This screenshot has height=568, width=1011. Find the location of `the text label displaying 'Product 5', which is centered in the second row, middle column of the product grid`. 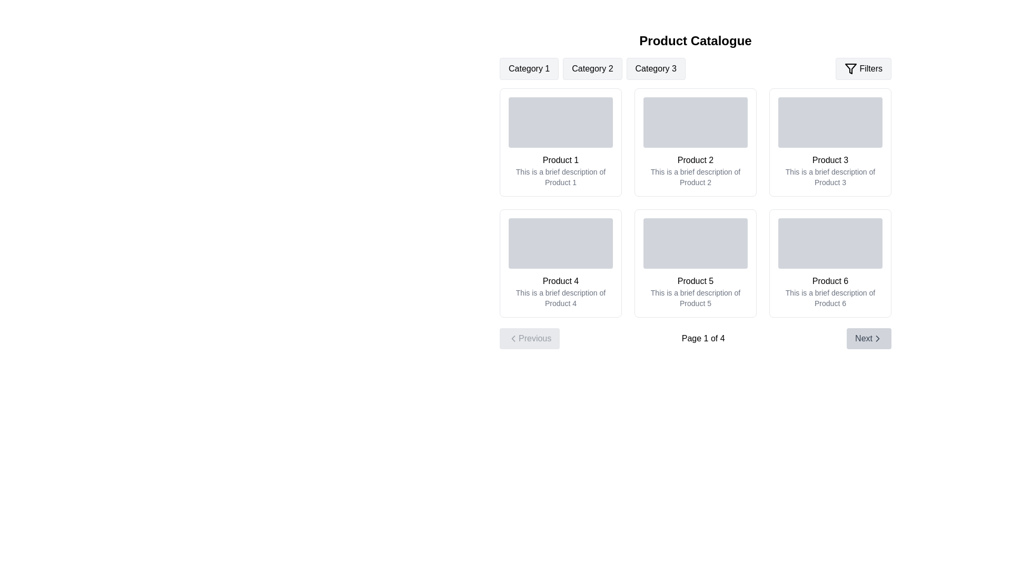

the text label displaying 'Product 5', which is centered in the second row, middle column of the product grid is located at coordinates (695, 281).